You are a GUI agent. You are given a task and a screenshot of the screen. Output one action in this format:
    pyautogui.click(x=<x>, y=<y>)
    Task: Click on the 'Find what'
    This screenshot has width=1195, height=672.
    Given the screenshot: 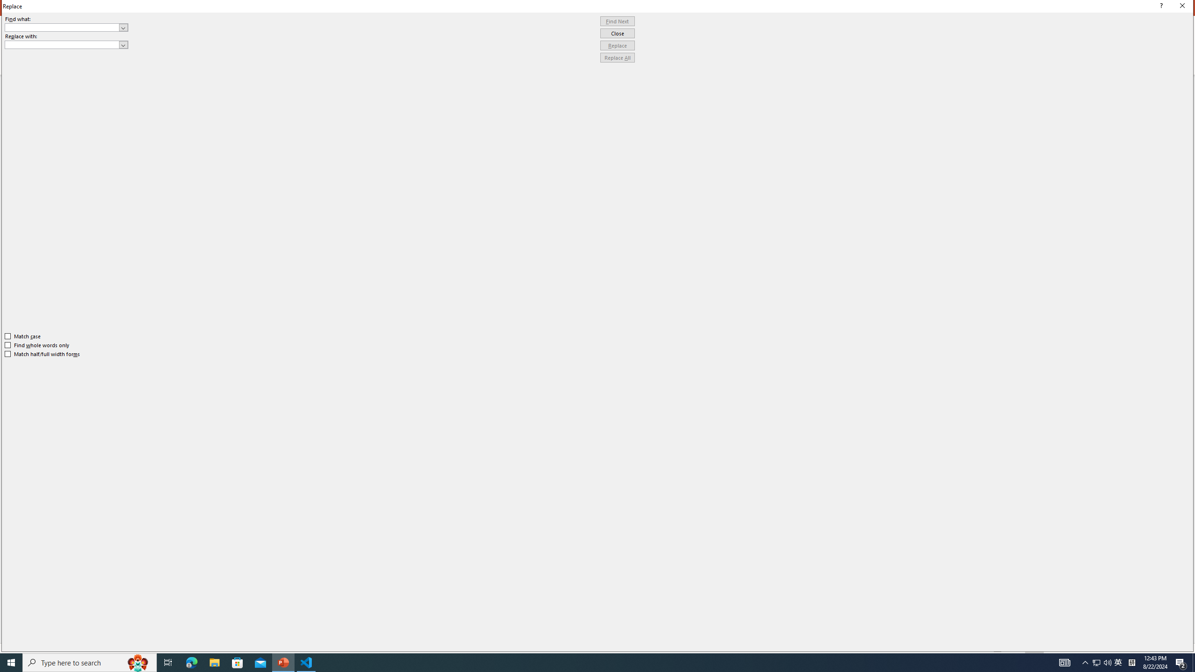 What is the action you would take?
    pyautogui.click(x=62, y=27)
    